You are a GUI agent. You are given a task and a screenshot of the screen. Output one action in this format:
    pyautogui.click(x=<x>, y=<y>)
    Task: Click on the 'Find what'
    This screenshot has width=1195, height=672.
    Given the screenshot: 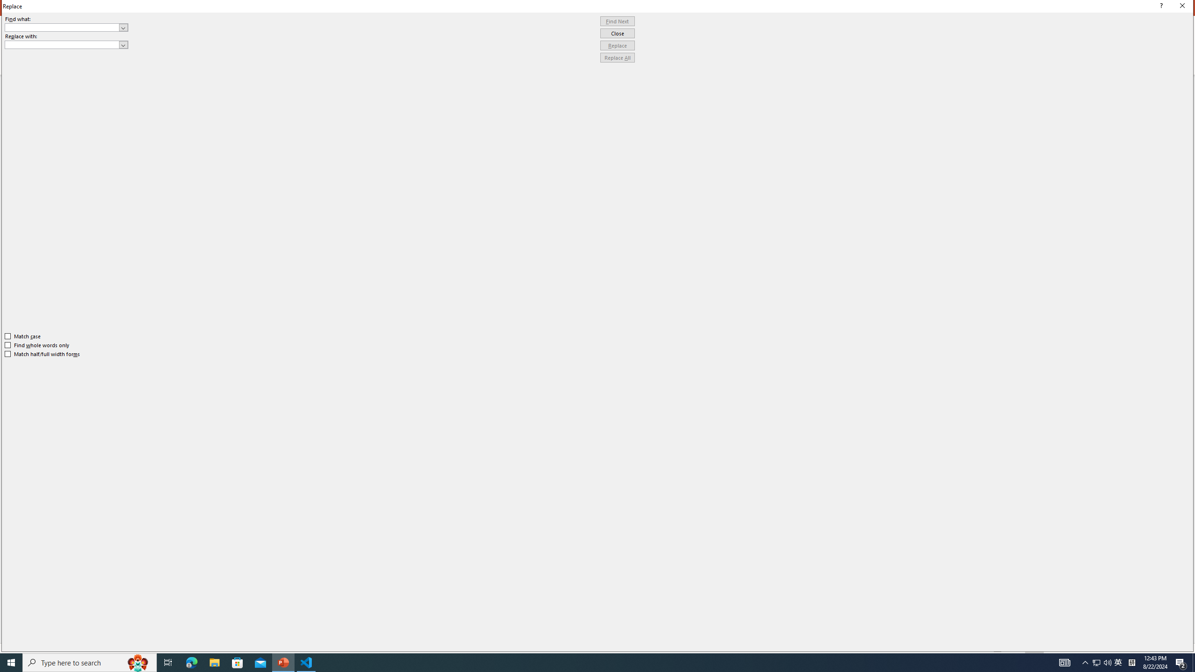 What is the action you would take?
    pyautogui.click(x=62, y=27)
    